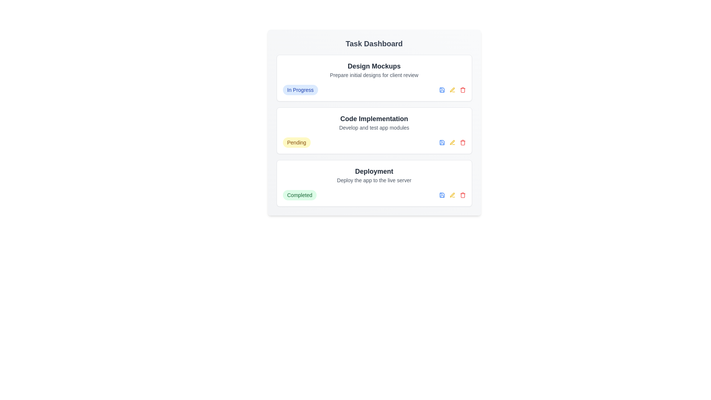  What do you see at coordinates (452, 195) in the screenshot?
I see `the edit button for the task titled 'Deployment'` at bounding box center [452, 195].